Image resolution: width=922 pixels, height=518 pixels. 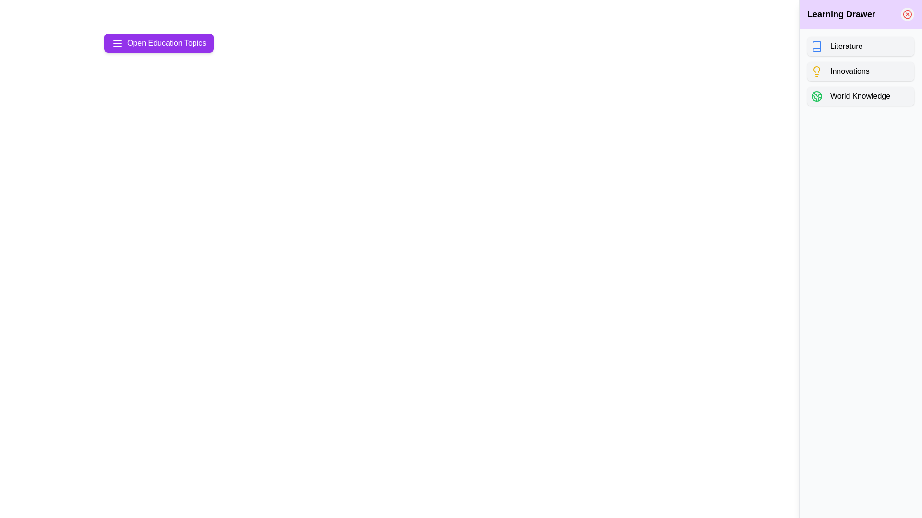 What do you see at coordinates (907, 14) in the screenshot?
I see `the close icon in the drawer header to close the drawer` at bounding box center [907, 14].